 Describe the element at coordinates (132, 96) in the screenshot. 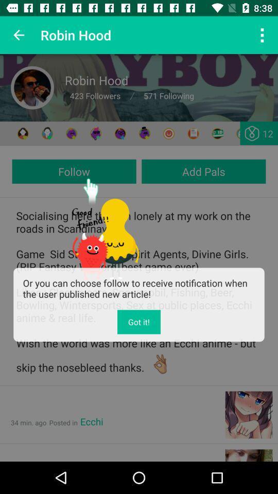

I see `which is after 423 followers on the page` at that location.